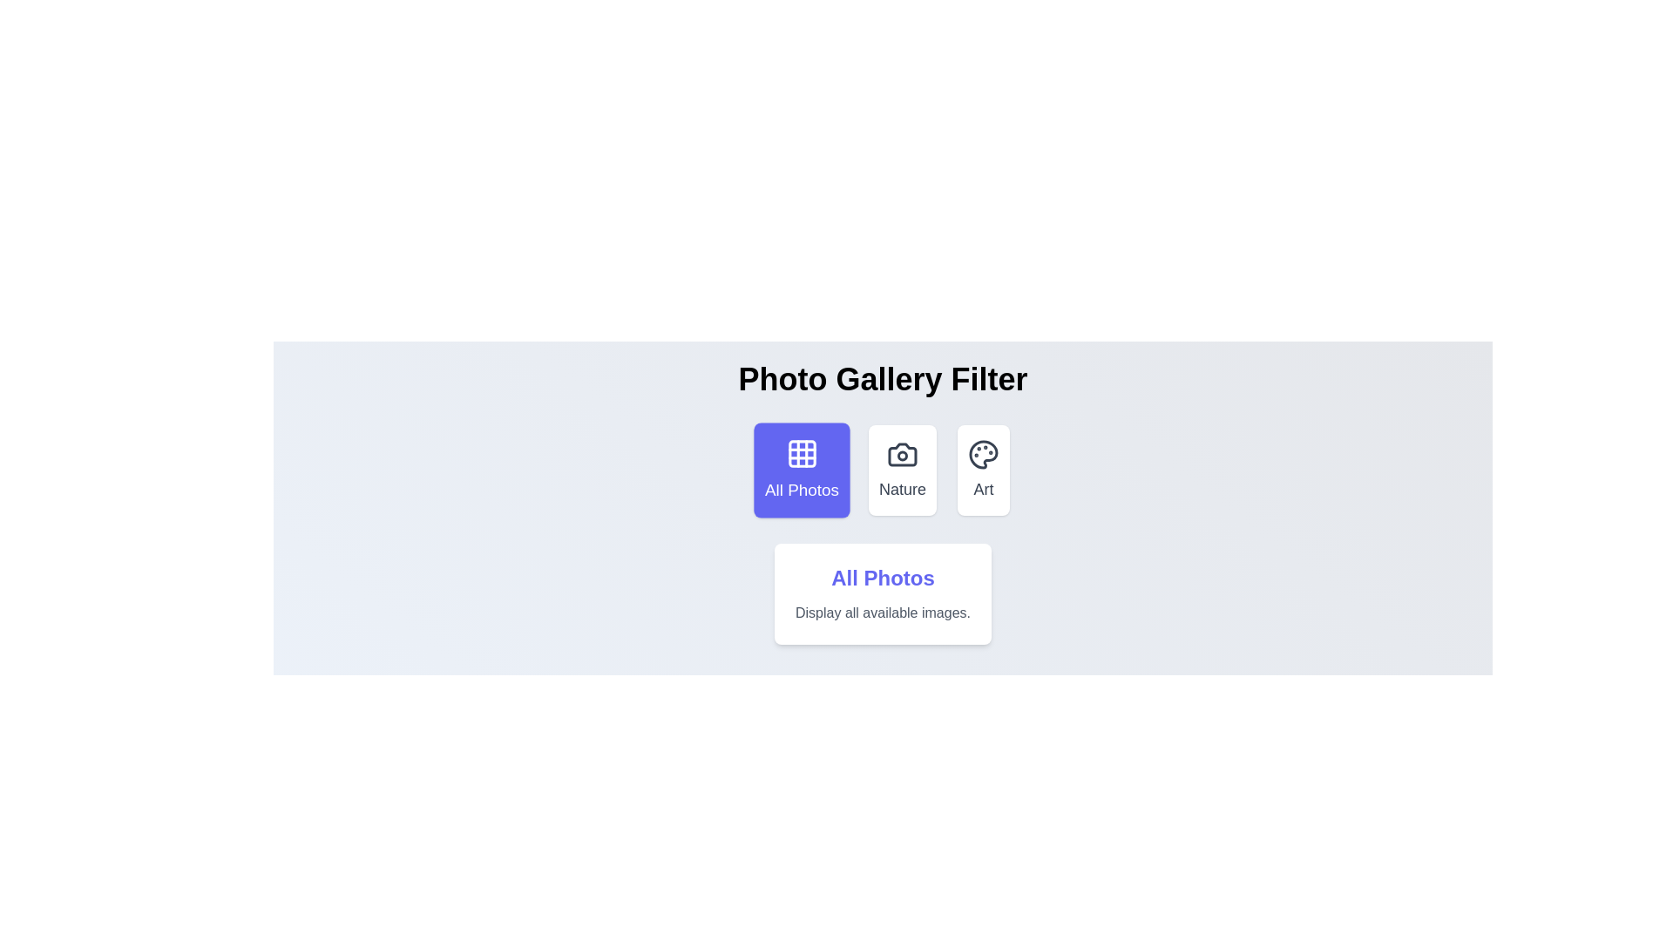 The width and height of the screenshot is (1673, 941). What do you see at coordinates (983, 470) in the screenshot?
I see `the icon and label of the filter button corresponding to Art` at bounding box center [983, 470].